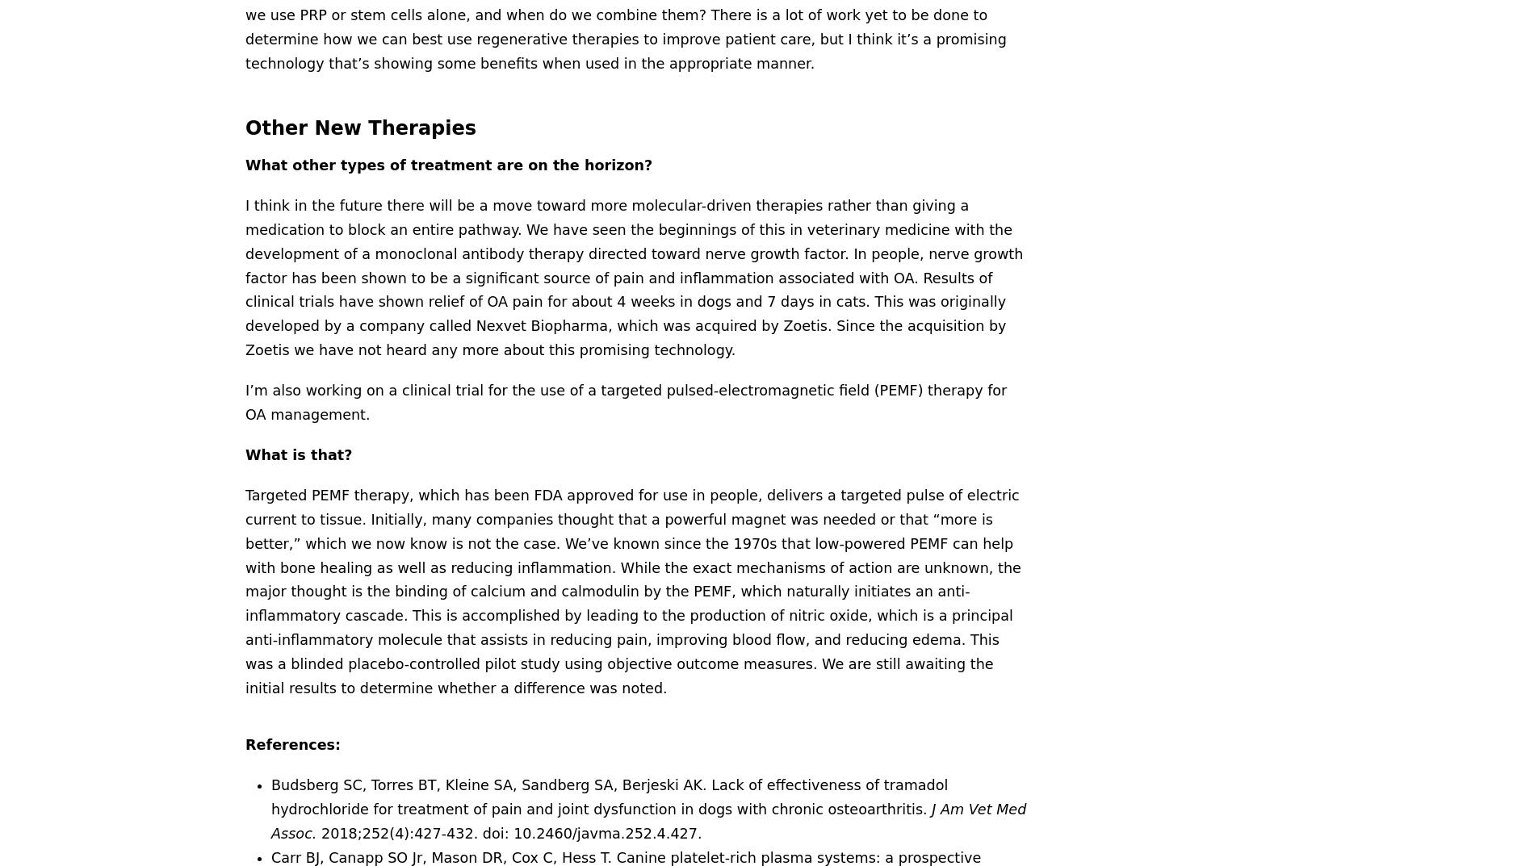  What do you see at coordinates (399, 833) in the screenshot?
I see `'2018;252(4):427-432.'` at bounding box center [399, 833].